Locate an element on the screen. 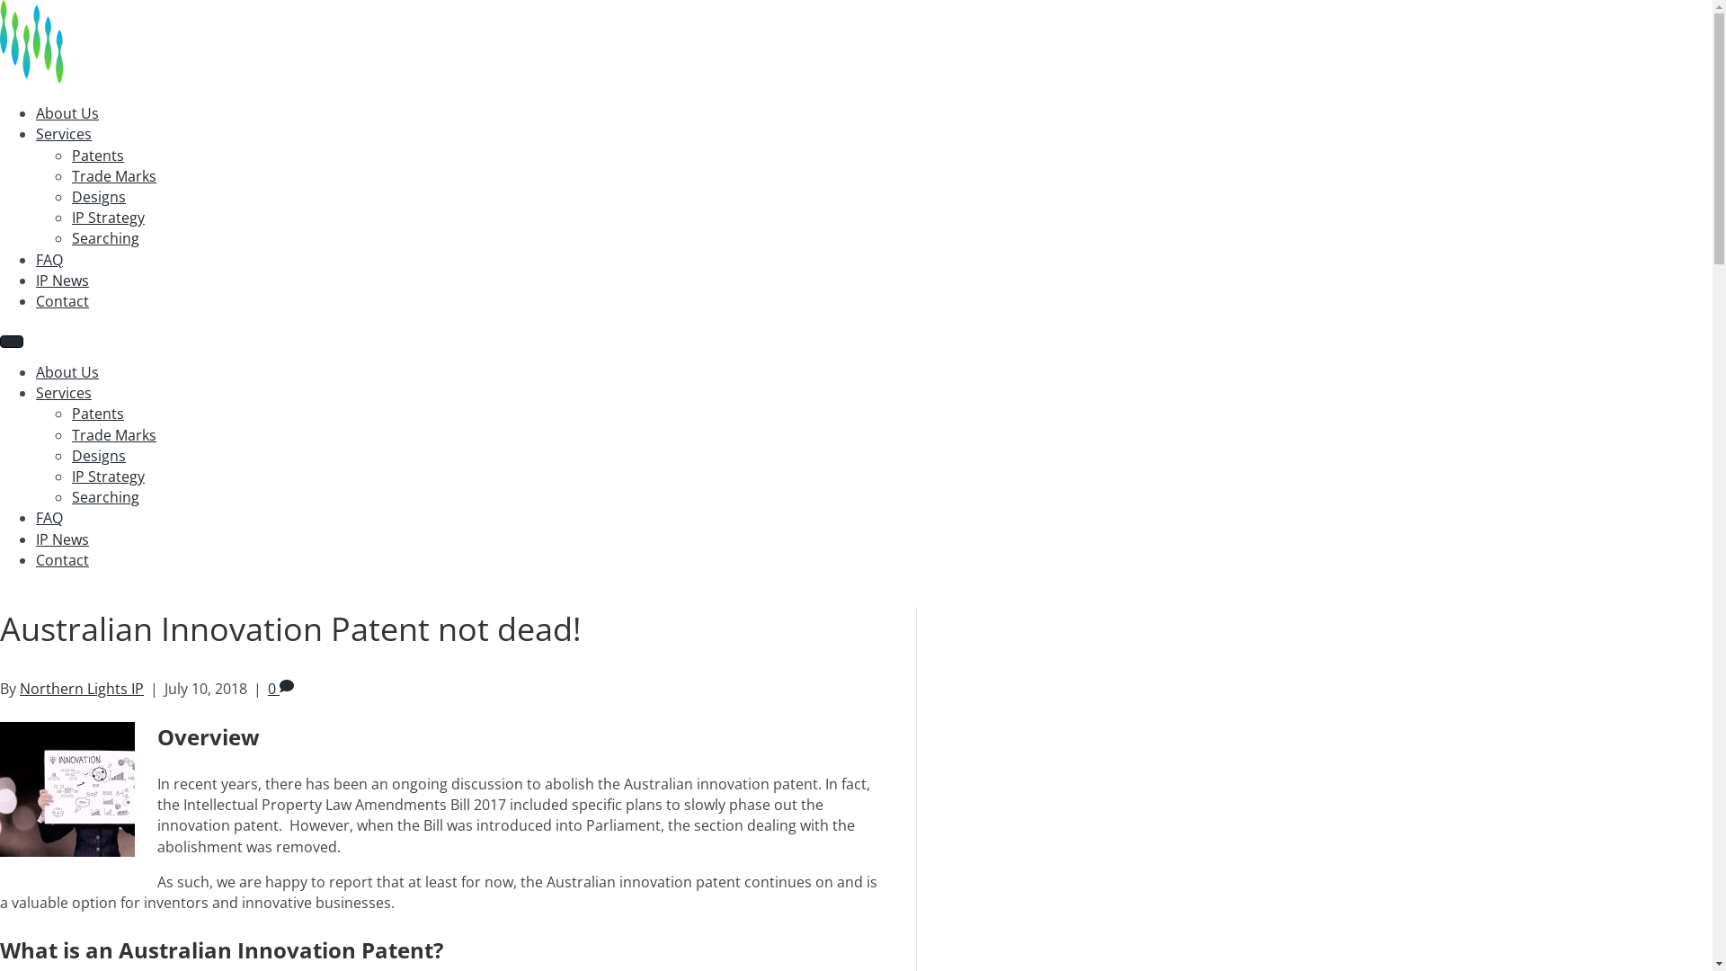 The height and width of the screenshot is (971, 1726). 'Logo_Northern_Lights_IP' is located at coordinates (89, 40).